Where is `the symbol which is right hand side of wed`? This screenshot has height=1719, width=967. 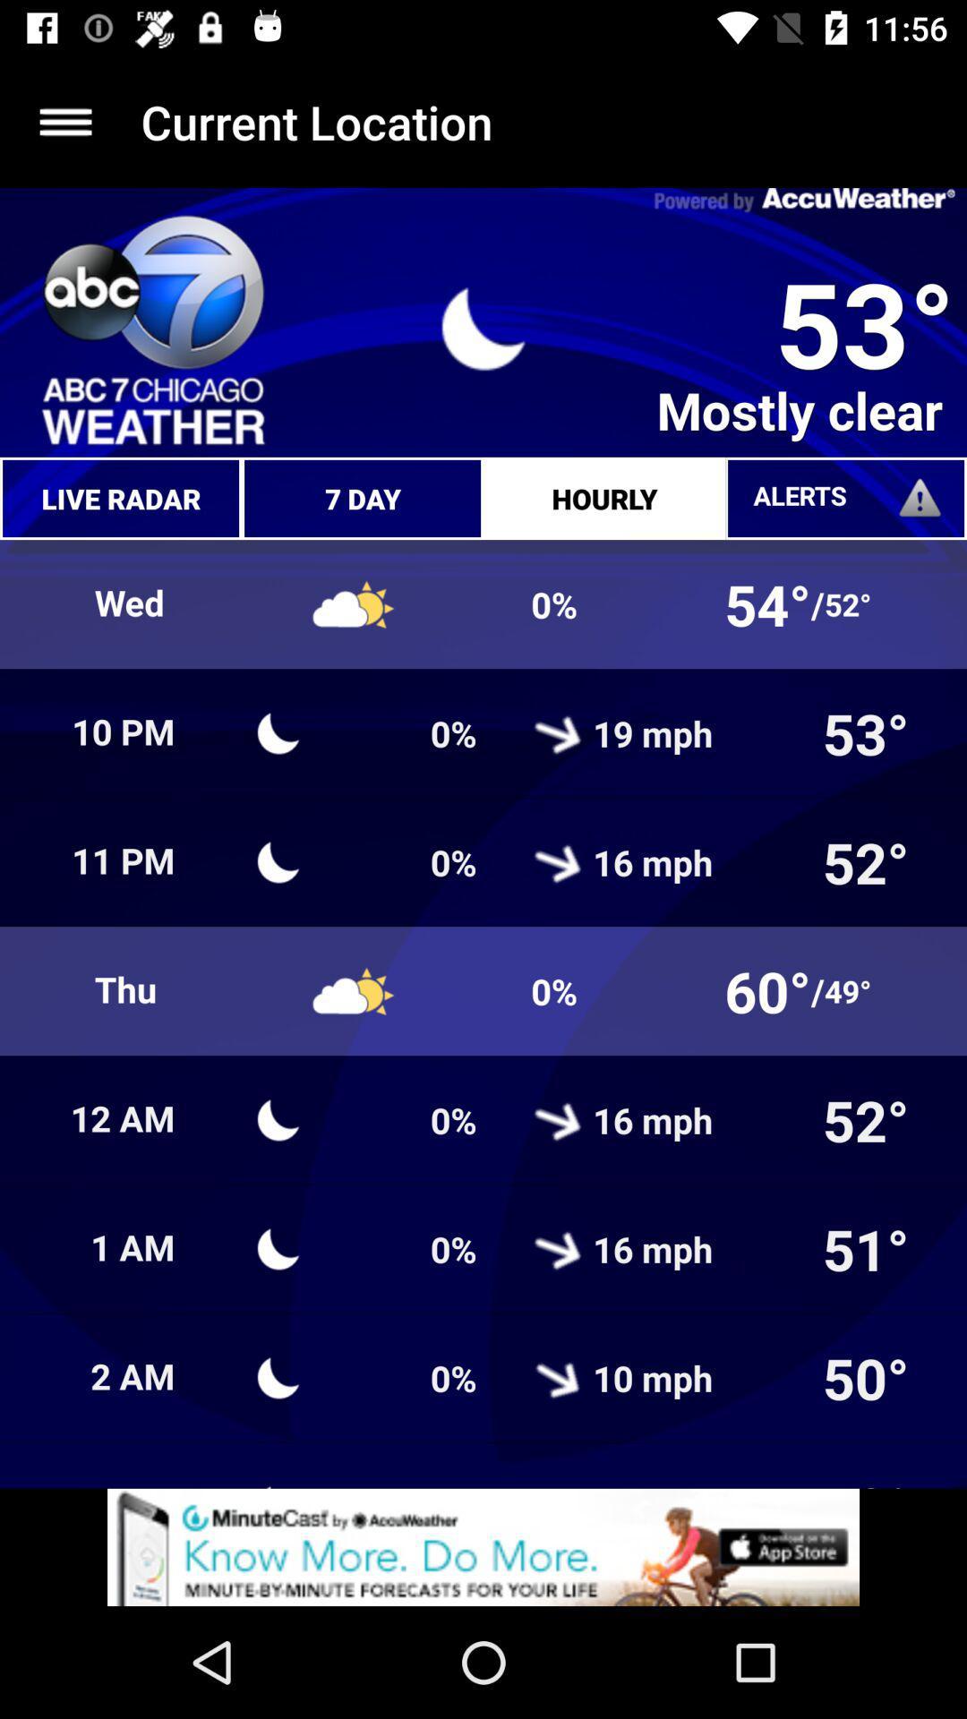
the symbol which is right hand side of wed is located at coordinates (353, 604).